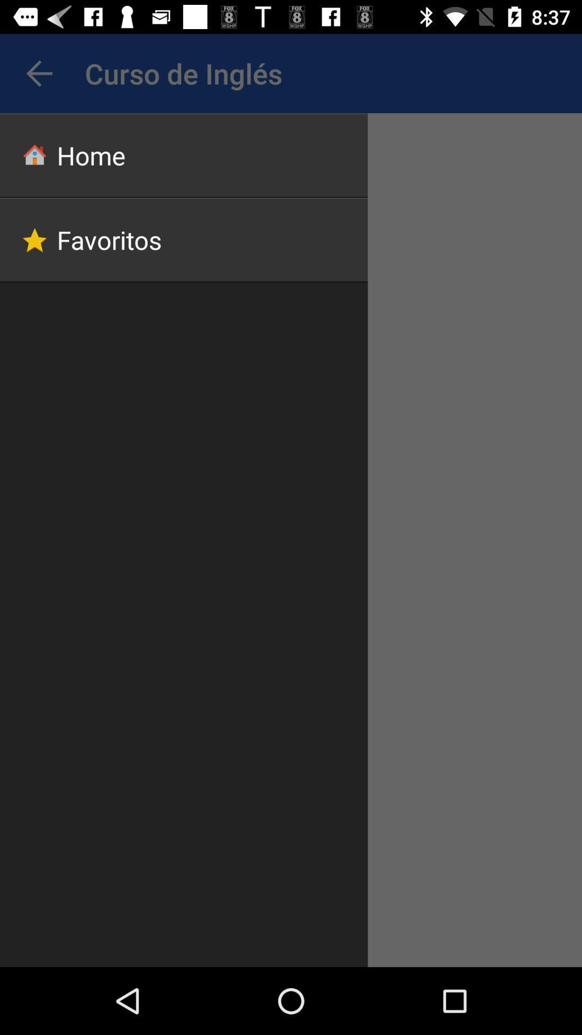  Describe the element at coordinates (286, 536) in the screenshot. I see `icon at the center` at that location.